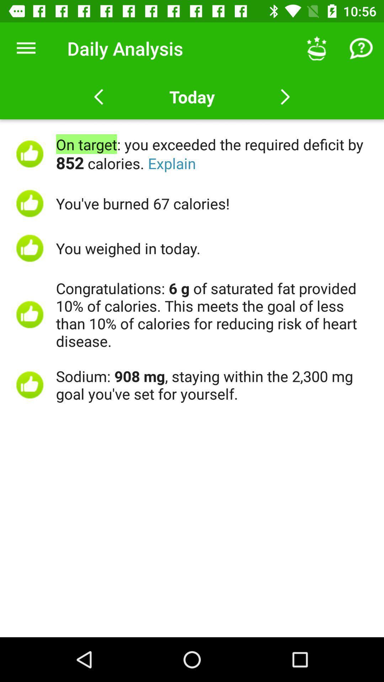  What do you see at coordinates (26, 48) in the screenshot?
I see `the icon to the left of daily analysis icon` at bounding box center [26, 48].